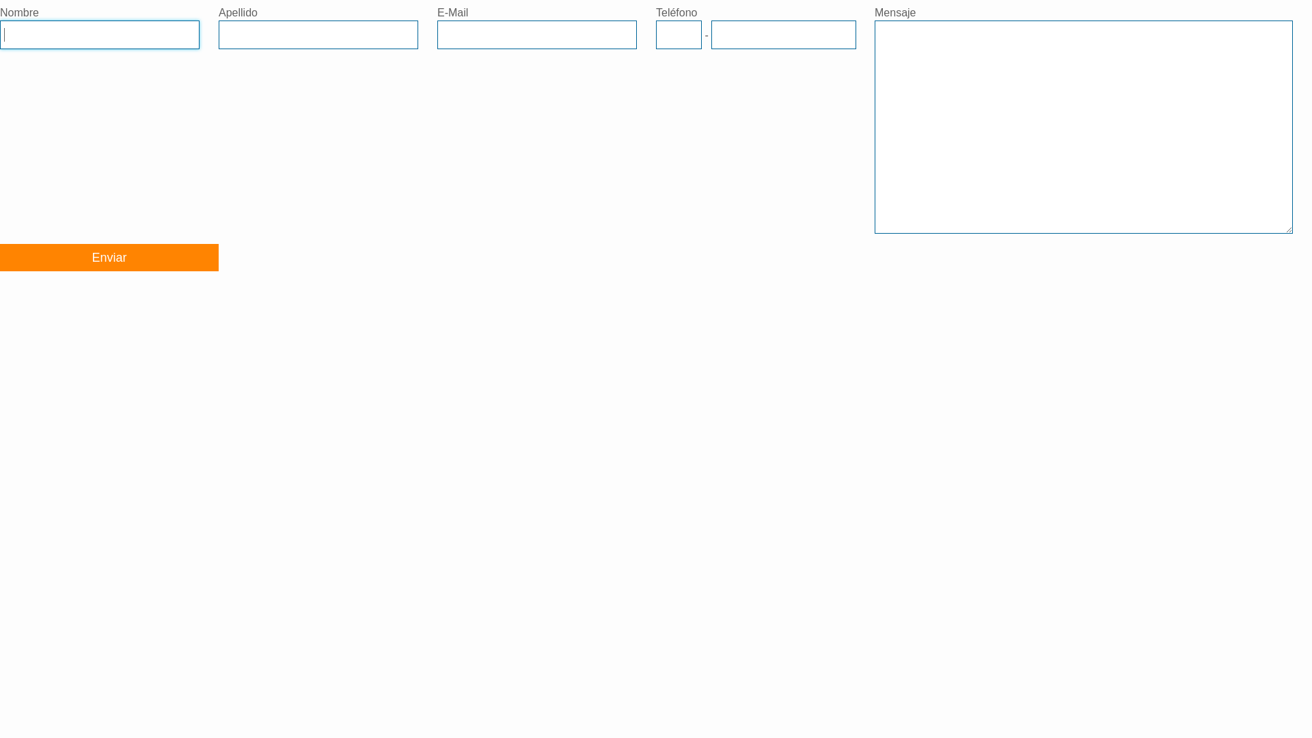 This screenshot has width=1312, height=738. What do you see at coordinates (108, 258) in the screenshot?
I see `'Enviar'` at bounding box center [108, 258].